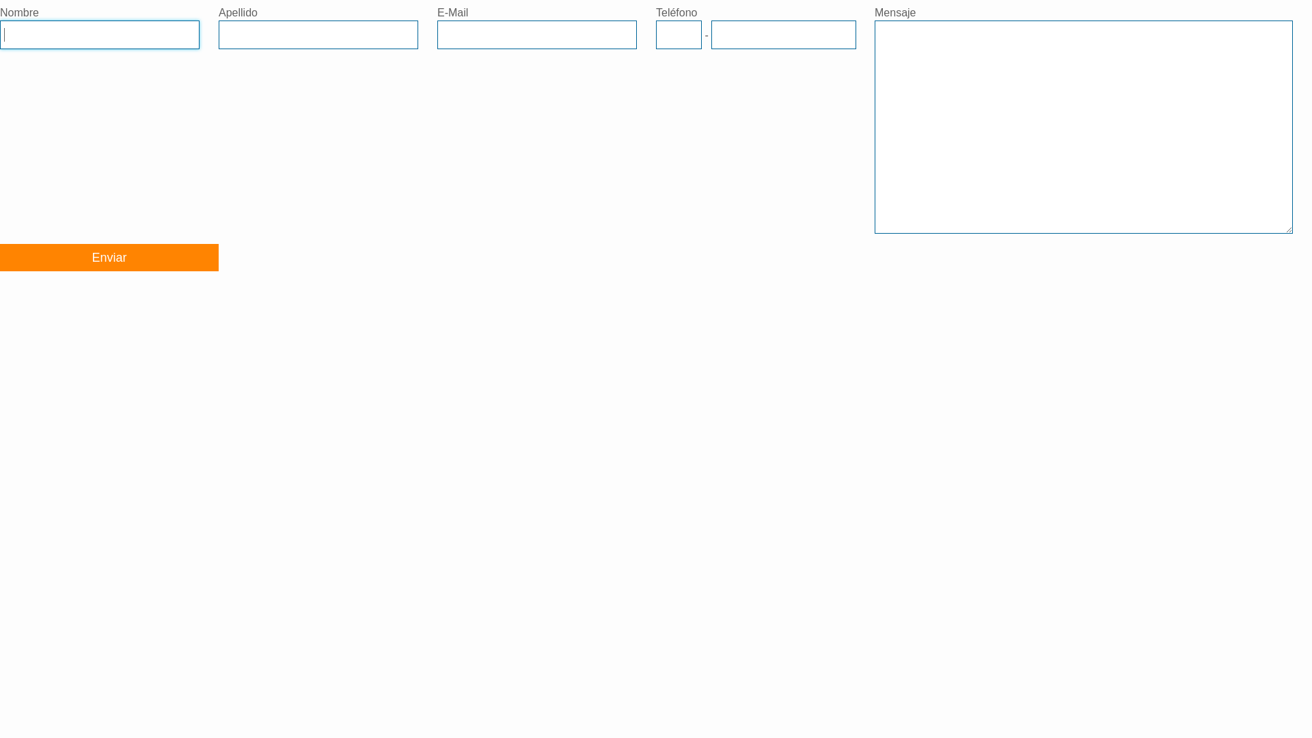 This screenshot has width=1312, height=738. What do you see at coordinates (108, 258) in the screenshot?
I see `'Enviar'` at bounding box center [108, 258].